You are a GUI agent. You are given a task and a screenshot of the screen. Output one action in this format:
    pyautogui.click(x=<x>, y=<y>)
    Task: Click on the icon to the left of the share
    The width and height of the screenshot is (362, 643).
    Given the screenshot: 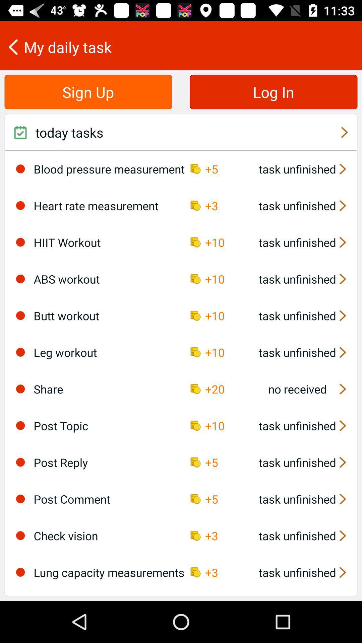 What is the action you would take?
    pyautogui.click(x=20, y=389)
    